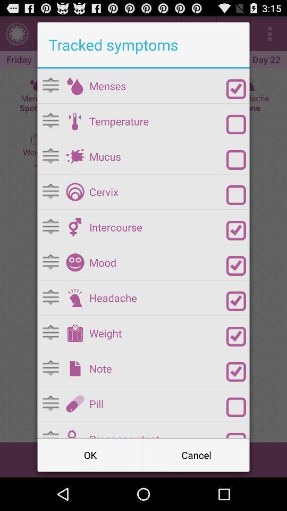  I want to click on the icon below the pregnancy test item, so click(196, 454).